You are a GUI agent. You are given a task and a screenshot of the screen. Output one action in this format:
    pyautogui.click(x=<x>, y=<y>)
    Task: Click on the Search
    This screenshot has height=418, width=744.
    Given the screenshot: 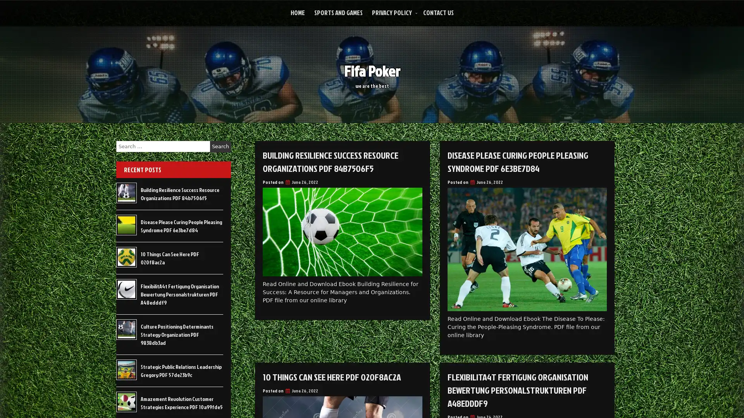 What is the action you would take?
    pyautogui.click(x=220, y=146)
    